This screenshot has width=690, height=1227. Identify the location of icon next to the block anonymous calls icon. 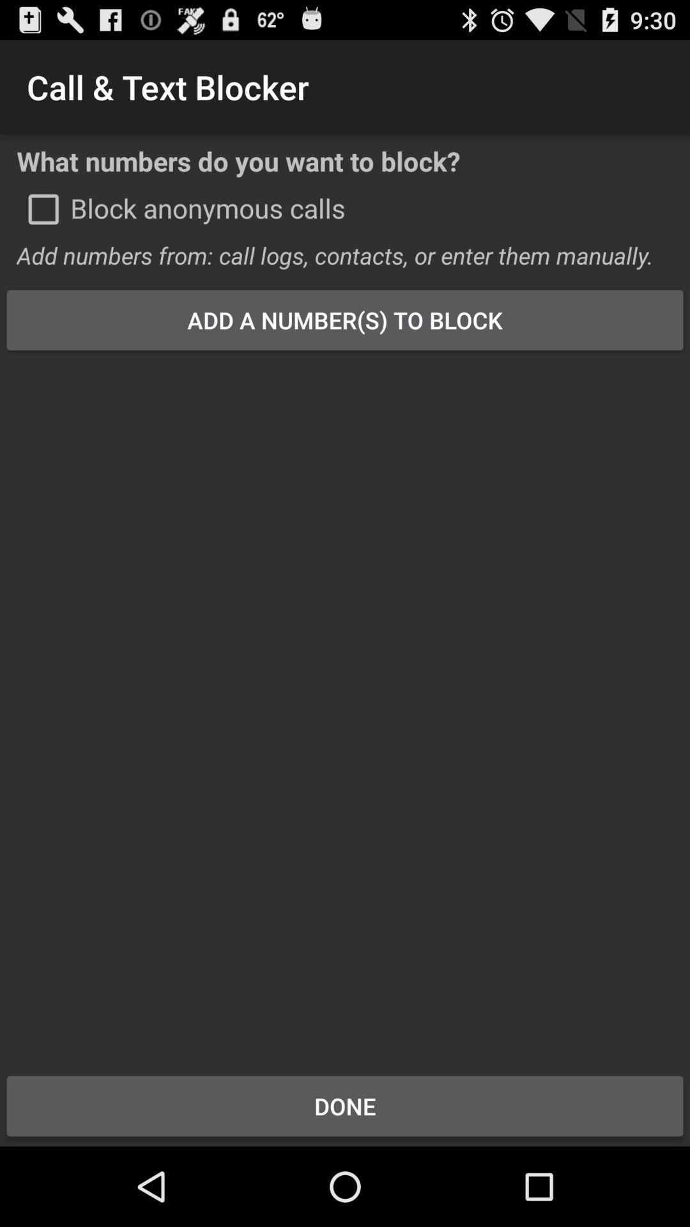
(43, 209).